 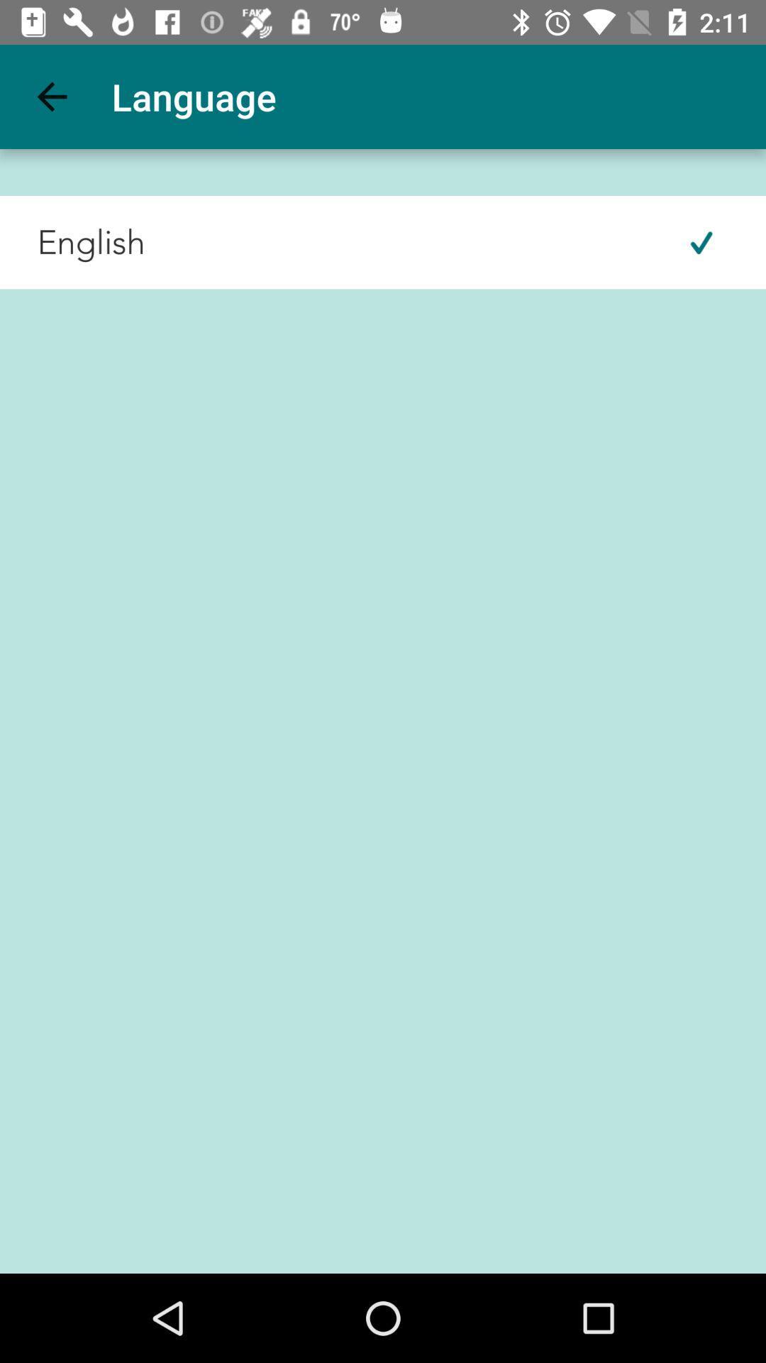 What do you see at coordinates (51, 96) in the screenshot?
I see `the item above english` at bounding box center [51, 96].